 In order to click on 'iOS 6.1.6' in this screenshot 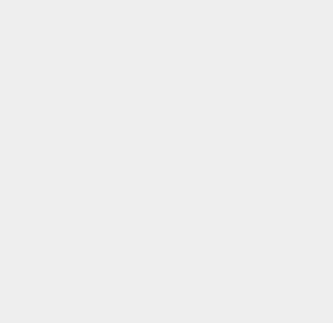, I will do `click(236, 20)`.